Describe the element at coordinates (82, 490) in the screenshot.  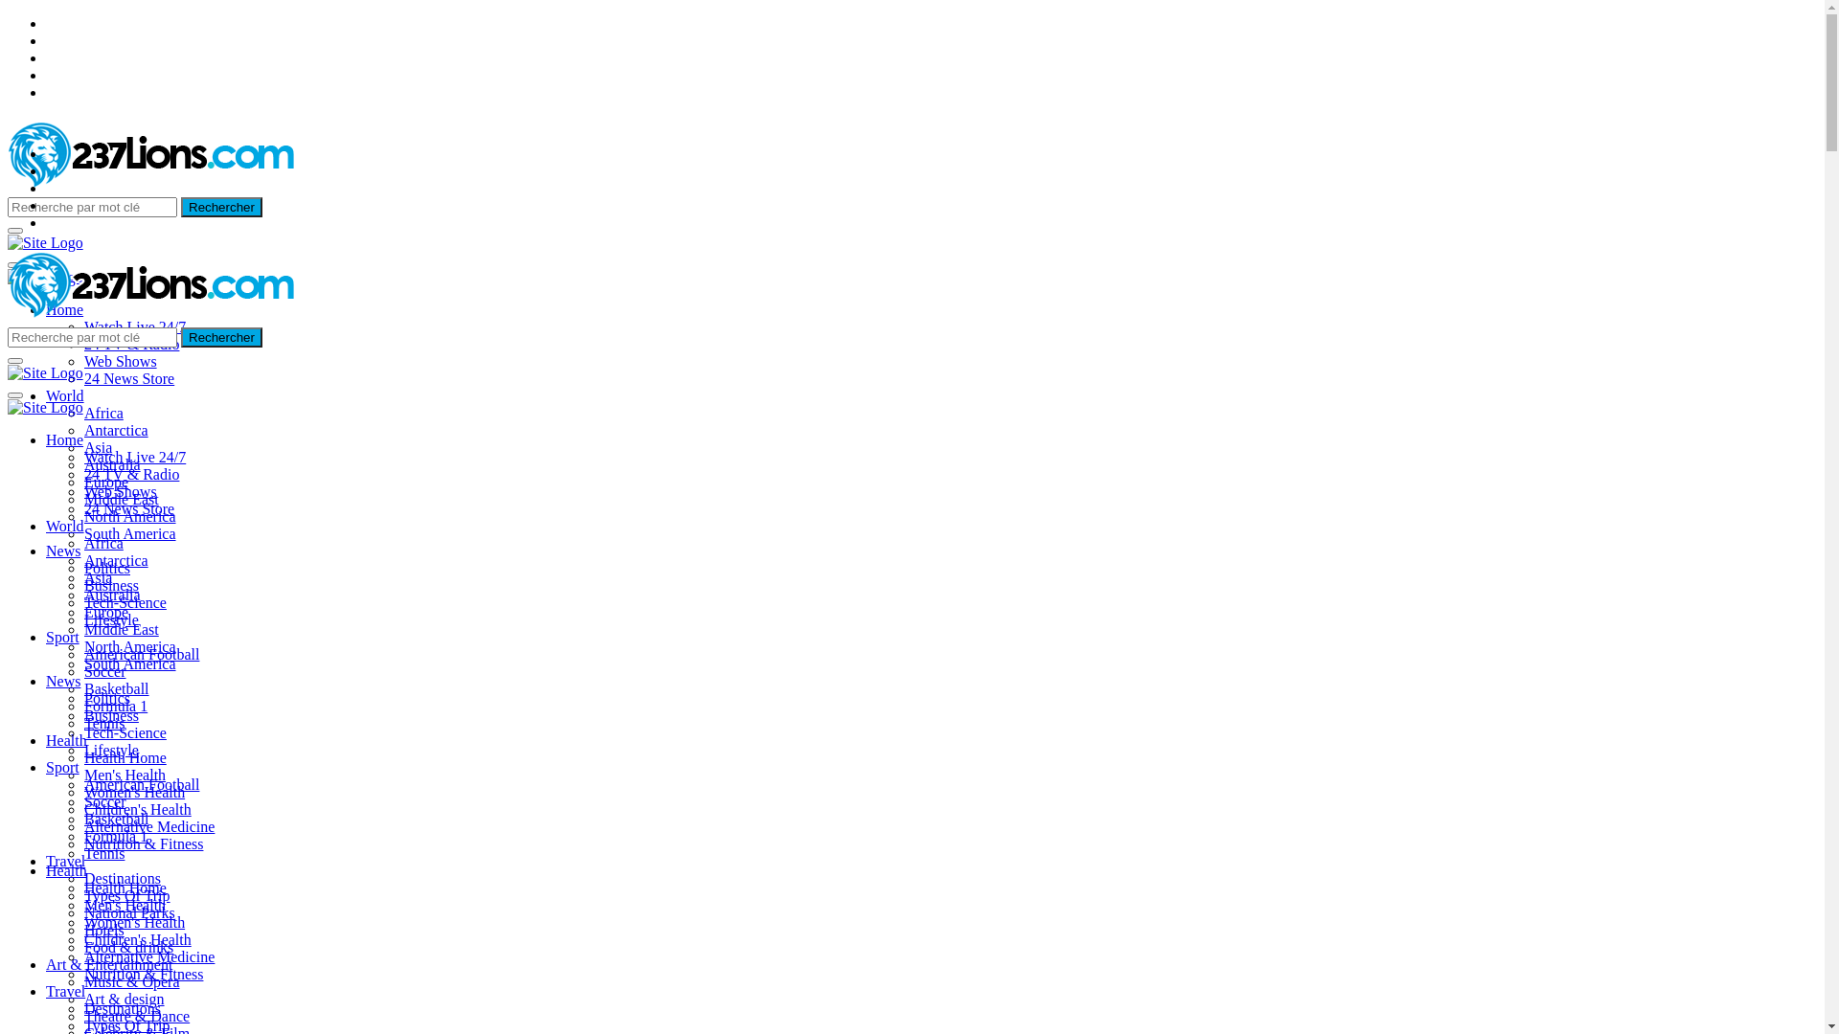
I see `'Web Shows'` at that location.